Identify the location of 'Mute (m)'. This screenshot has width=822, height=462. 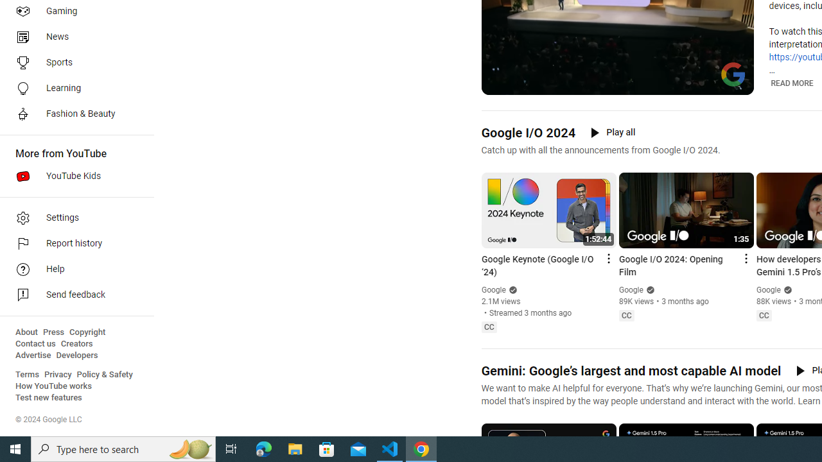
(524, 83).